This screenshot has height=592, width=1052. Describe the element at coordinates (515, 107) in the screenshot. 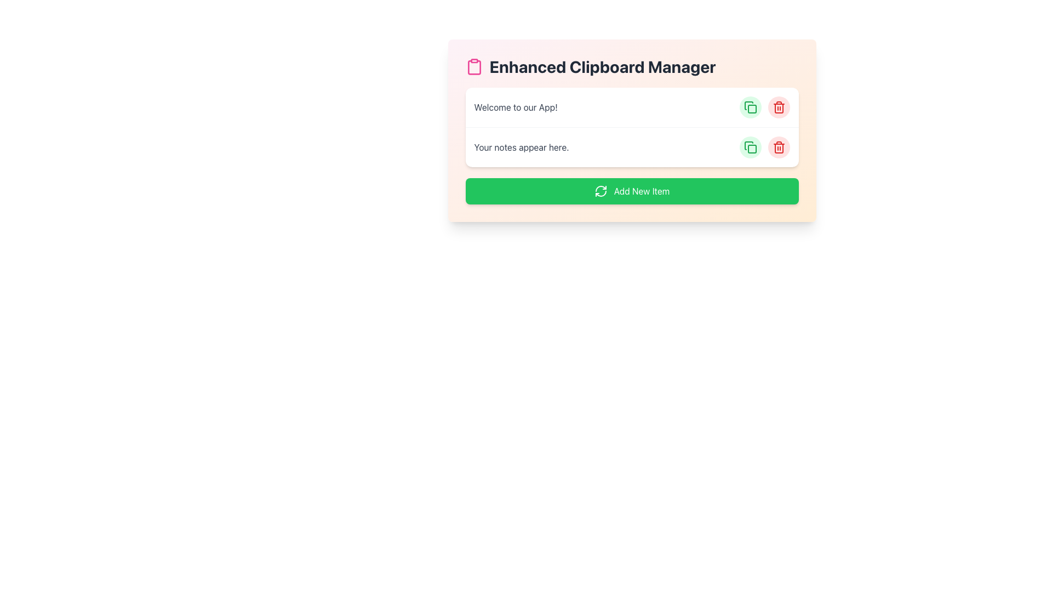

I see `the welcoming static text label located in the top-left portion of the card interface, which serves to greet users and define the interface's purpose` at that location.